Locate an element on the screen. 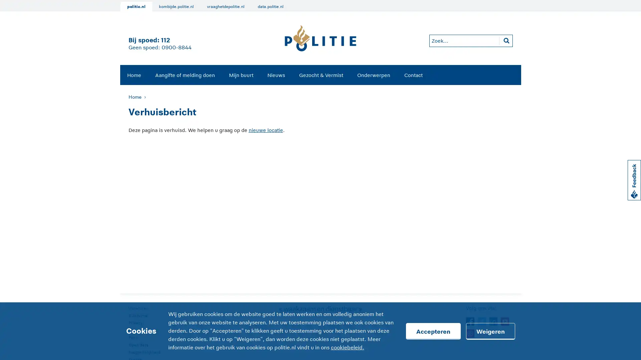 The image size is (641, 360). Weigeren is located at coordinates (490, 331).